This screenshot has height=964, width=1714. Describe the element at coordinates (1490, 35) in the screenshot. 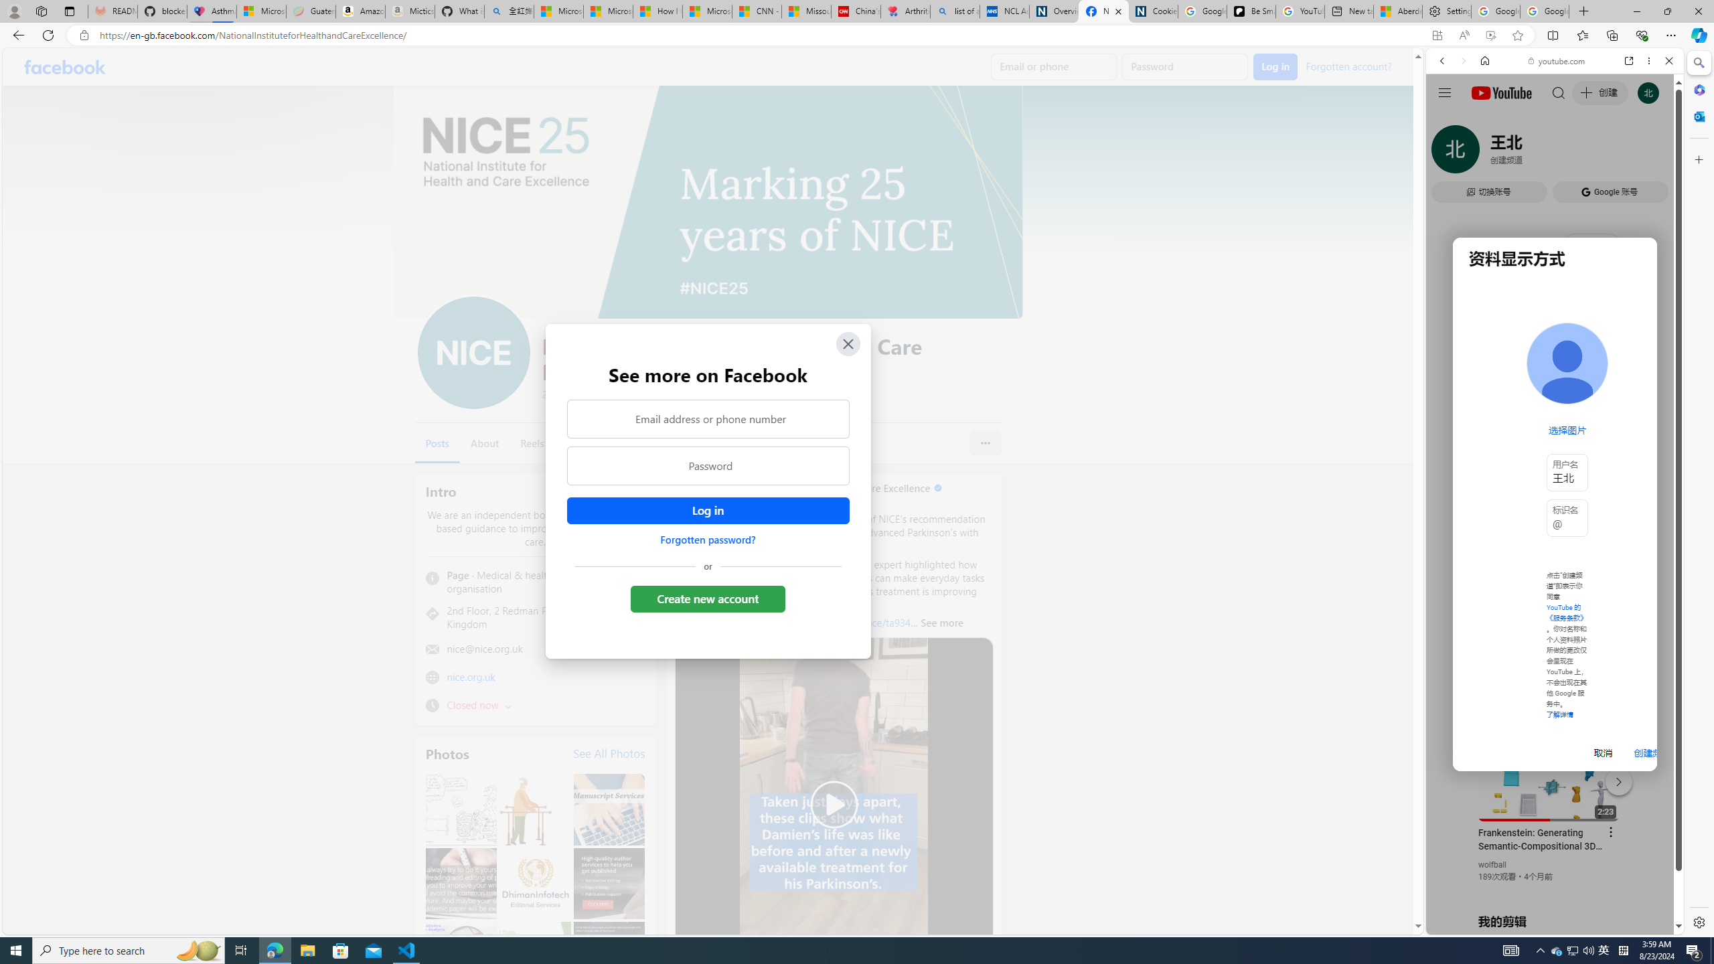

I see `'Enhance video'` at that location.